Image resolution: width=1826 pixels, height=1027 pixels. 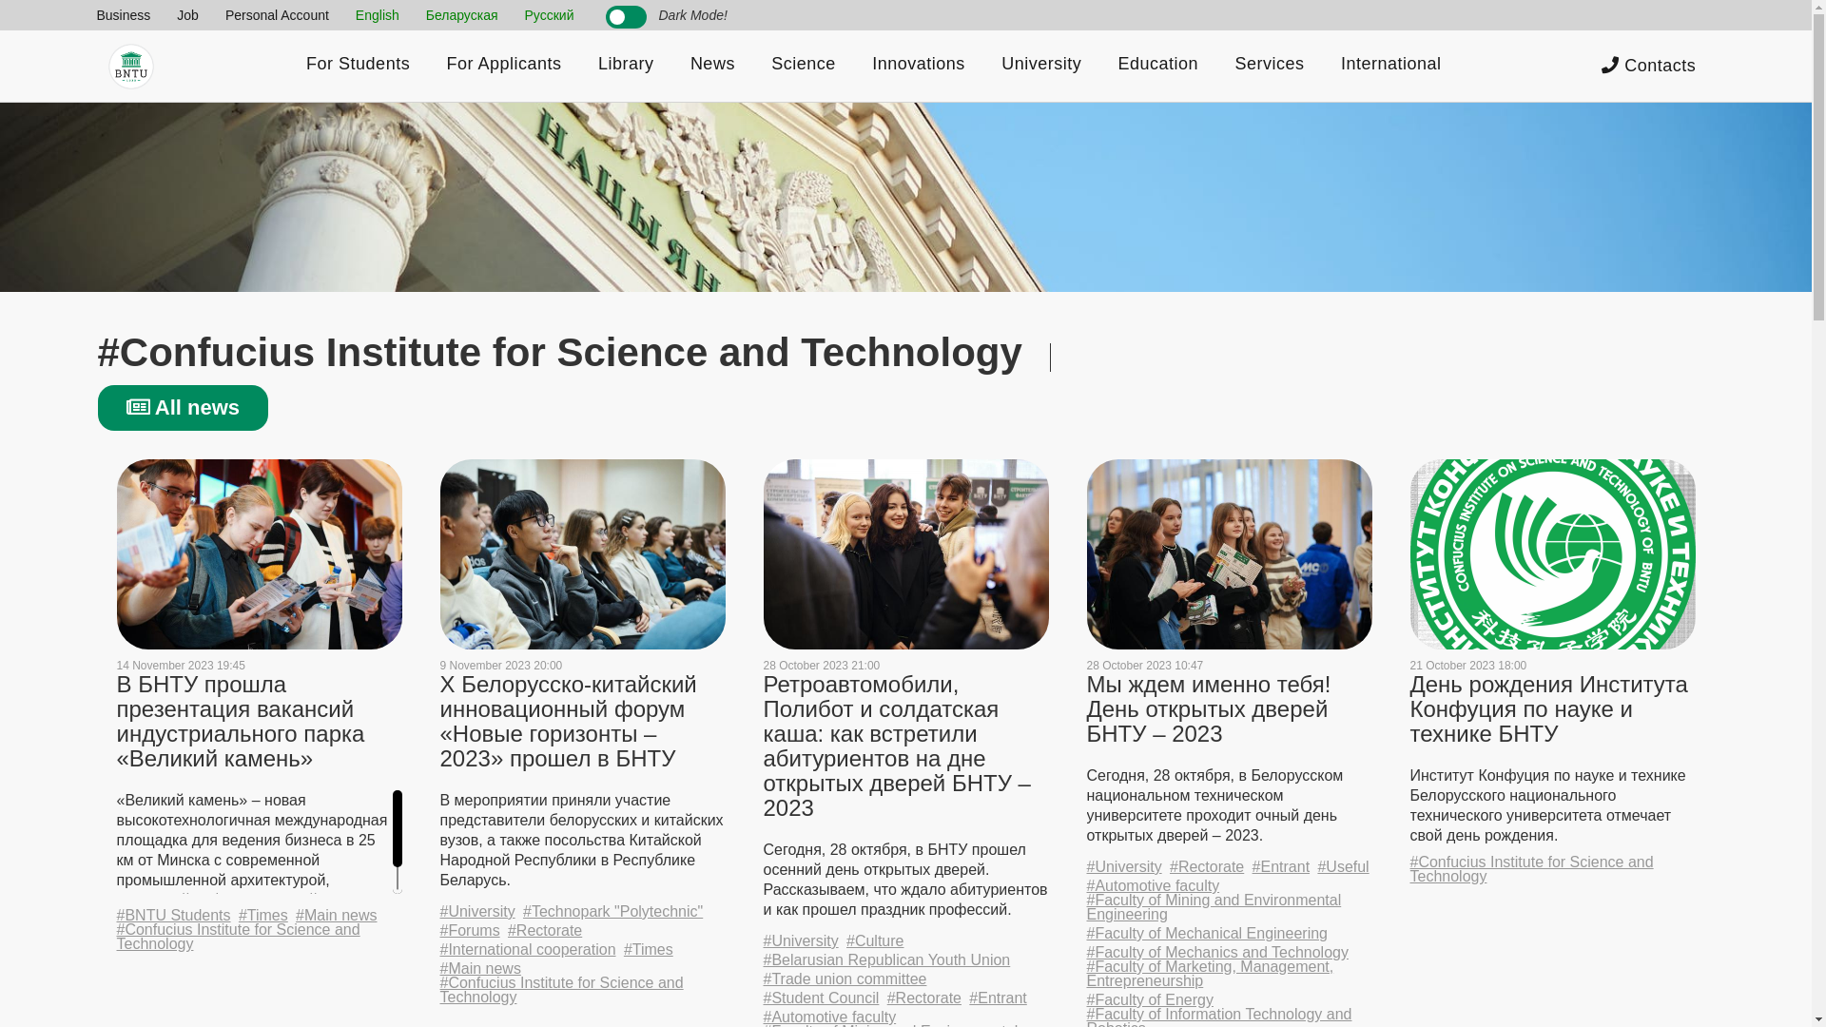 What do you see at coordinates (1316, 866) in the screenshot?
I see `'#Useful'` at bounding box center [1316, 866].